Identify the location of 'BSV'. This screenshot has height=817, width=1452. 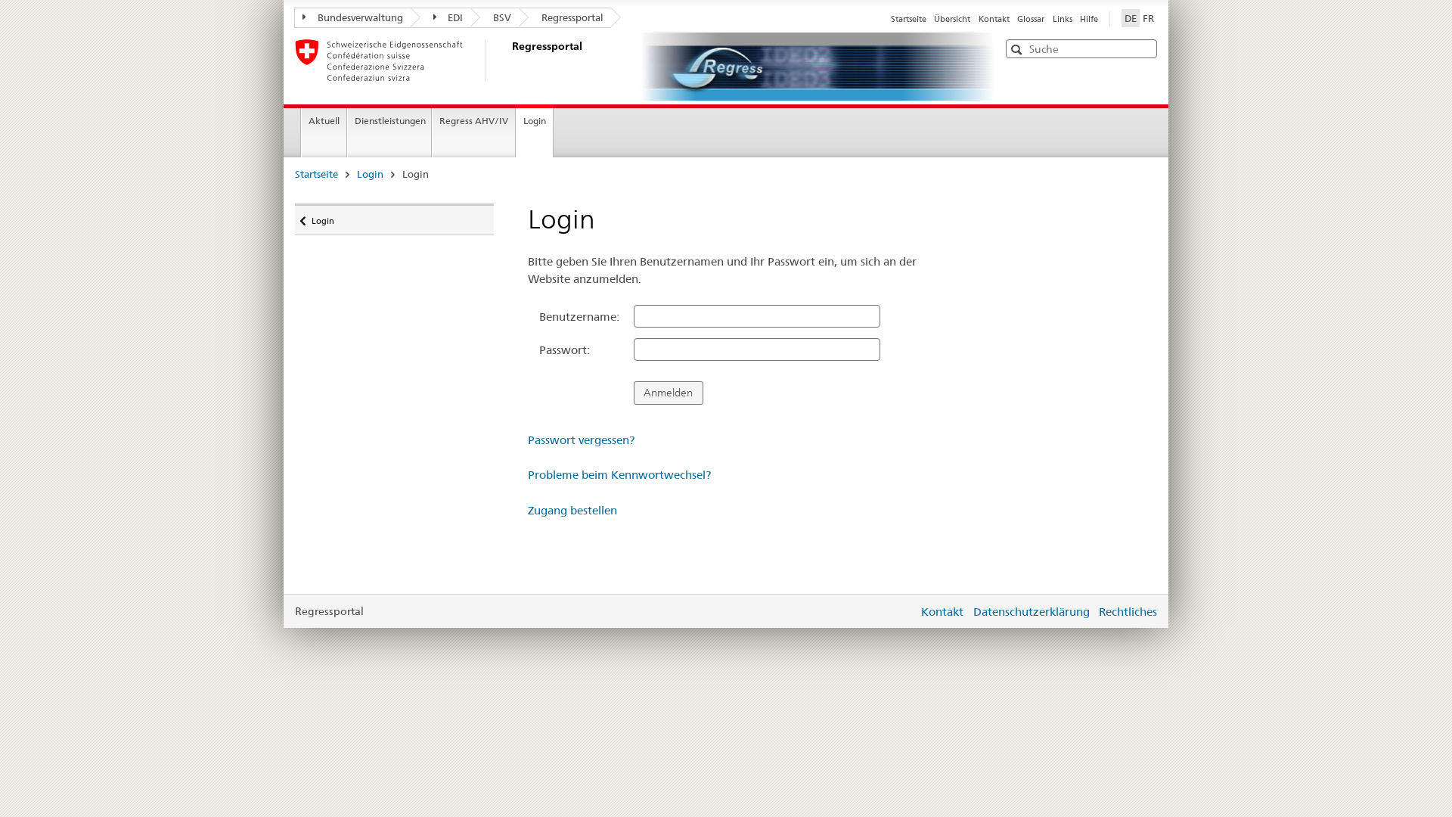
(494, 17).